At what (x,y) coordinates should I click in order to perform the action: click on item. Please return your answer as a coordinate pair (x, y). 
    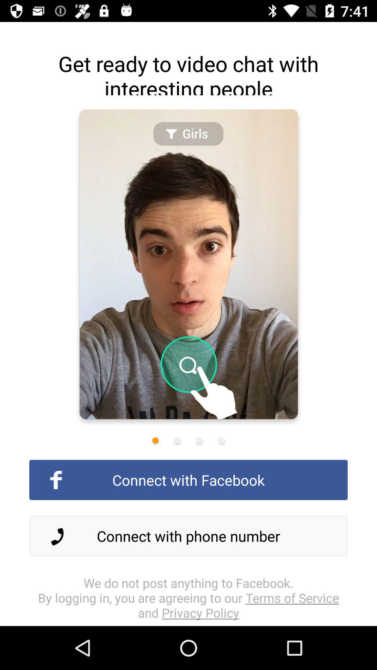
    Looking at the image, I should click on (221, 440).